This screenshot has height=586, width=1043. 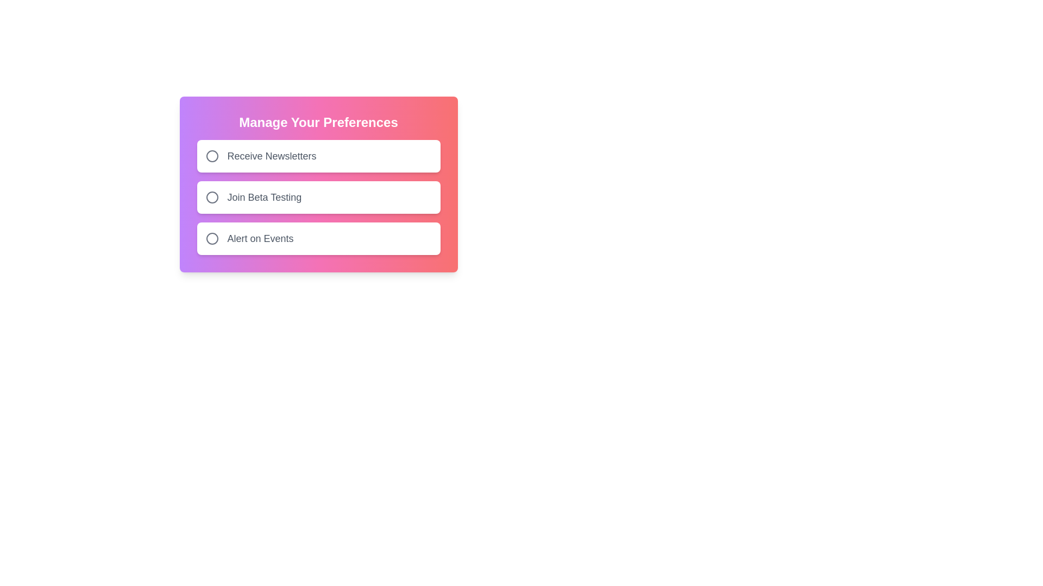 What do you see at coordinates (212, 156) in the screenshot?
I see `the circular radio button indicator for the 'Receive Newsletters' option by moving the cursor to its center` at bounding box center [212, 156].